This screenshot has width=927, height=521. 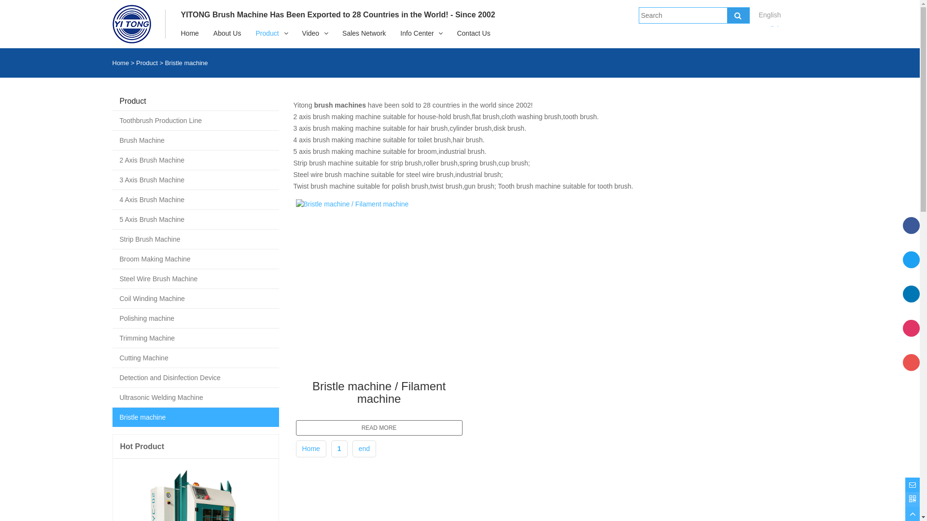 What do you see at coordinates (195, 258) in the screenshot?
I see `'Broom Making Machine'` at bounding box center [195, 258].